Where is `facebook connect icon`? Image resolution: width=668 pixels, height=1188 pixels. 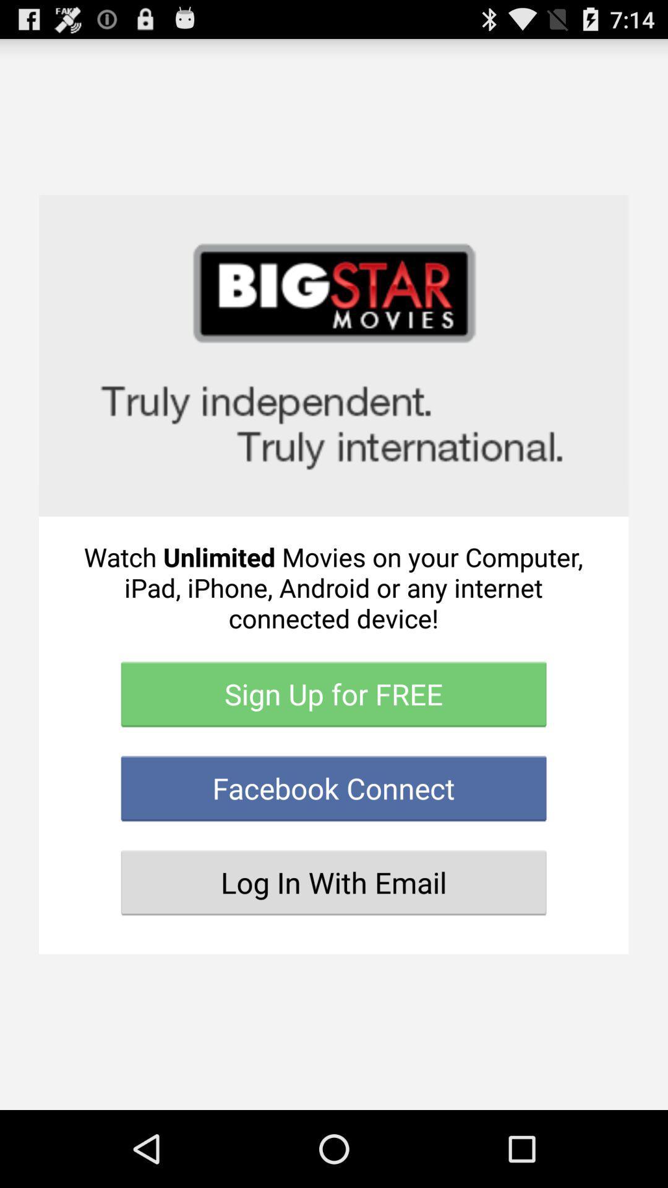 facebook connect icon is located at coordinates (333, 788).